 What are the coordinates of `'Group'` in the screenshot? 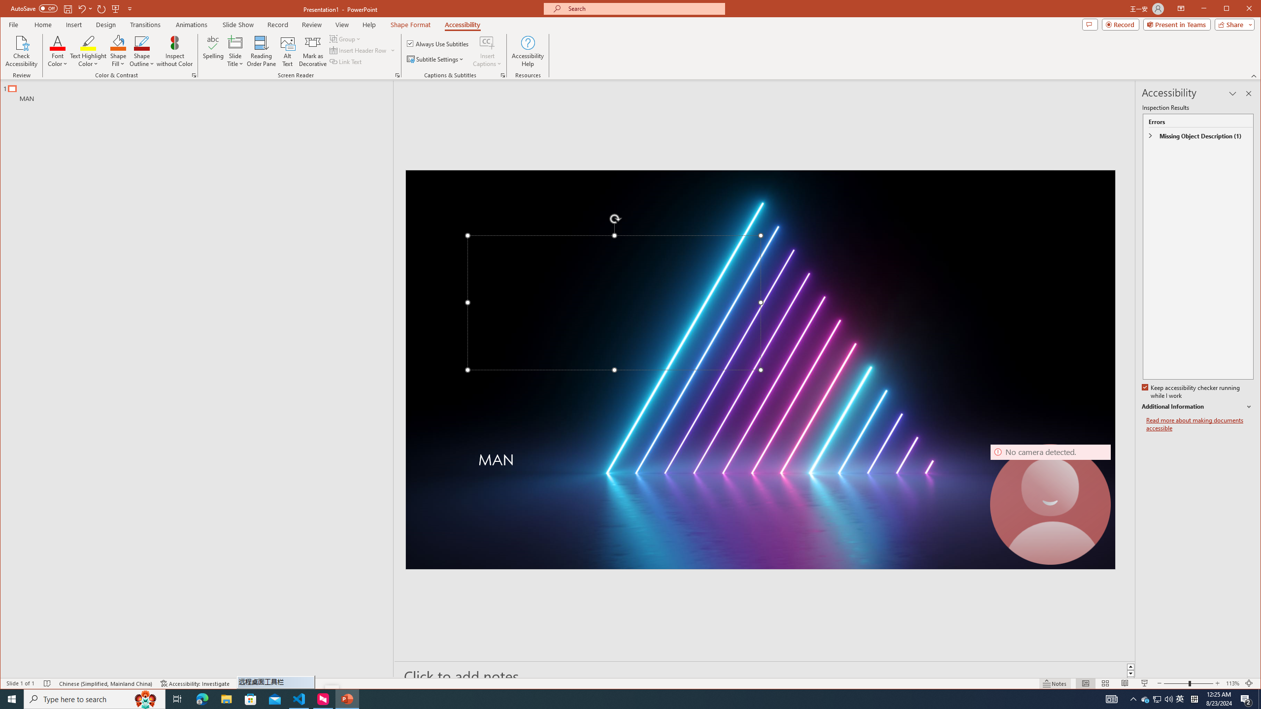 It's located at (345, 38).